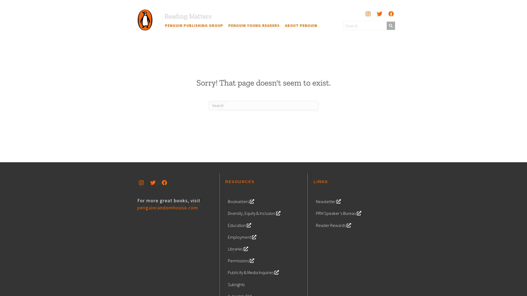 The height and width of the screenshot is (296, 527). I want to click on Facebook, so click(164, 183).